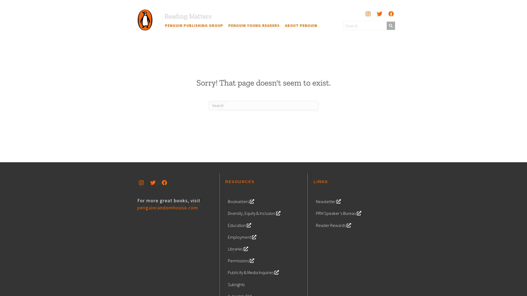 The height and width of the screenshot is (296, 527). I want to click on Facebook, so click(164, 183).